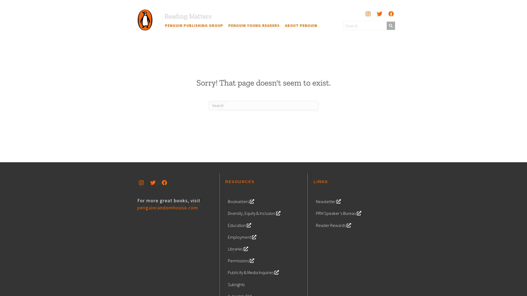 The height and width of the screenshot is (296, 527). I want to click on Facebook, so click(164, 183).